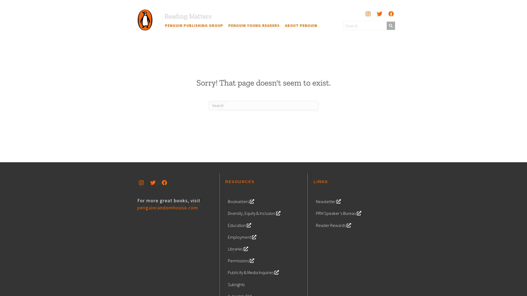 The height and width of the screenshot is (296, 527). I want to click on Facebook, so click(164, 183).